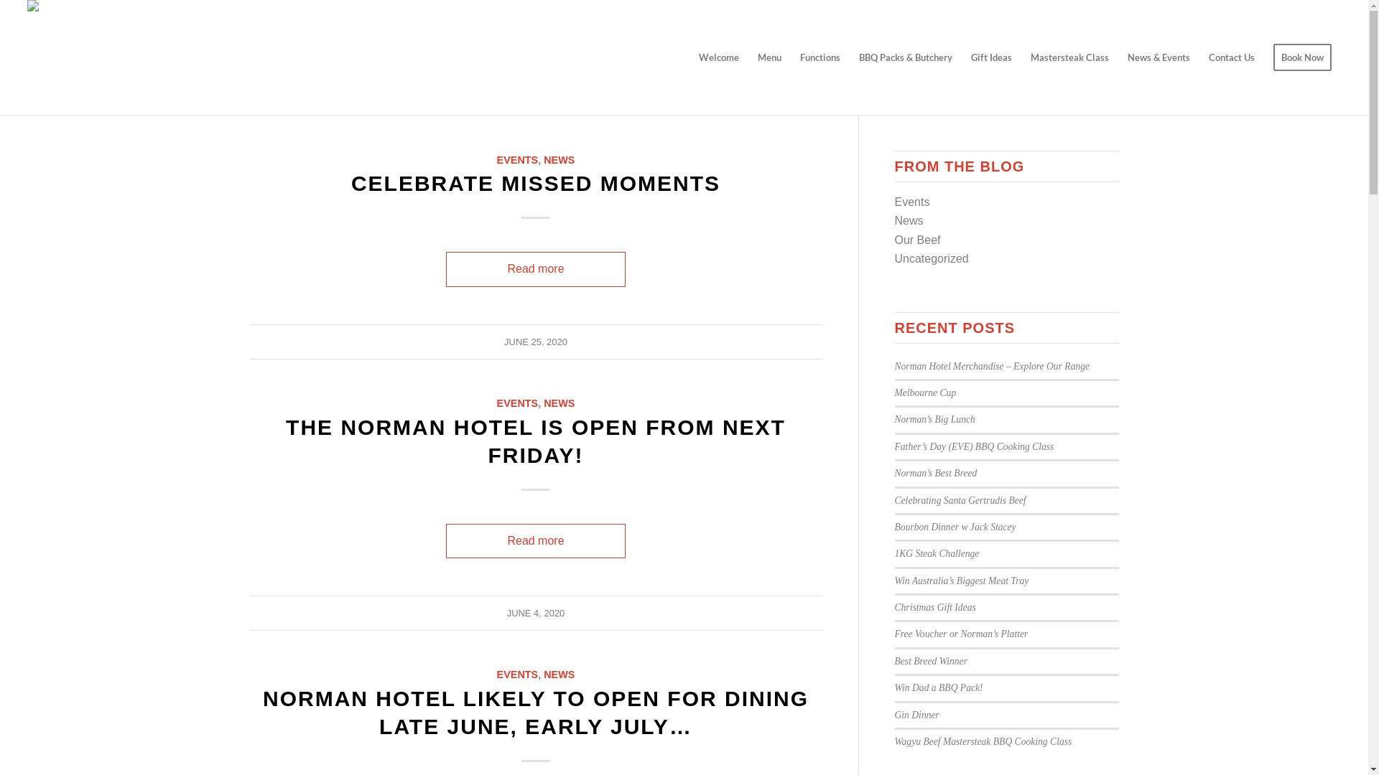 The image size is (1379, 775). What do you see at coordinates (719, 57) in the screenshot?
I see `'Welcome'` at bounding box center [719, 57].